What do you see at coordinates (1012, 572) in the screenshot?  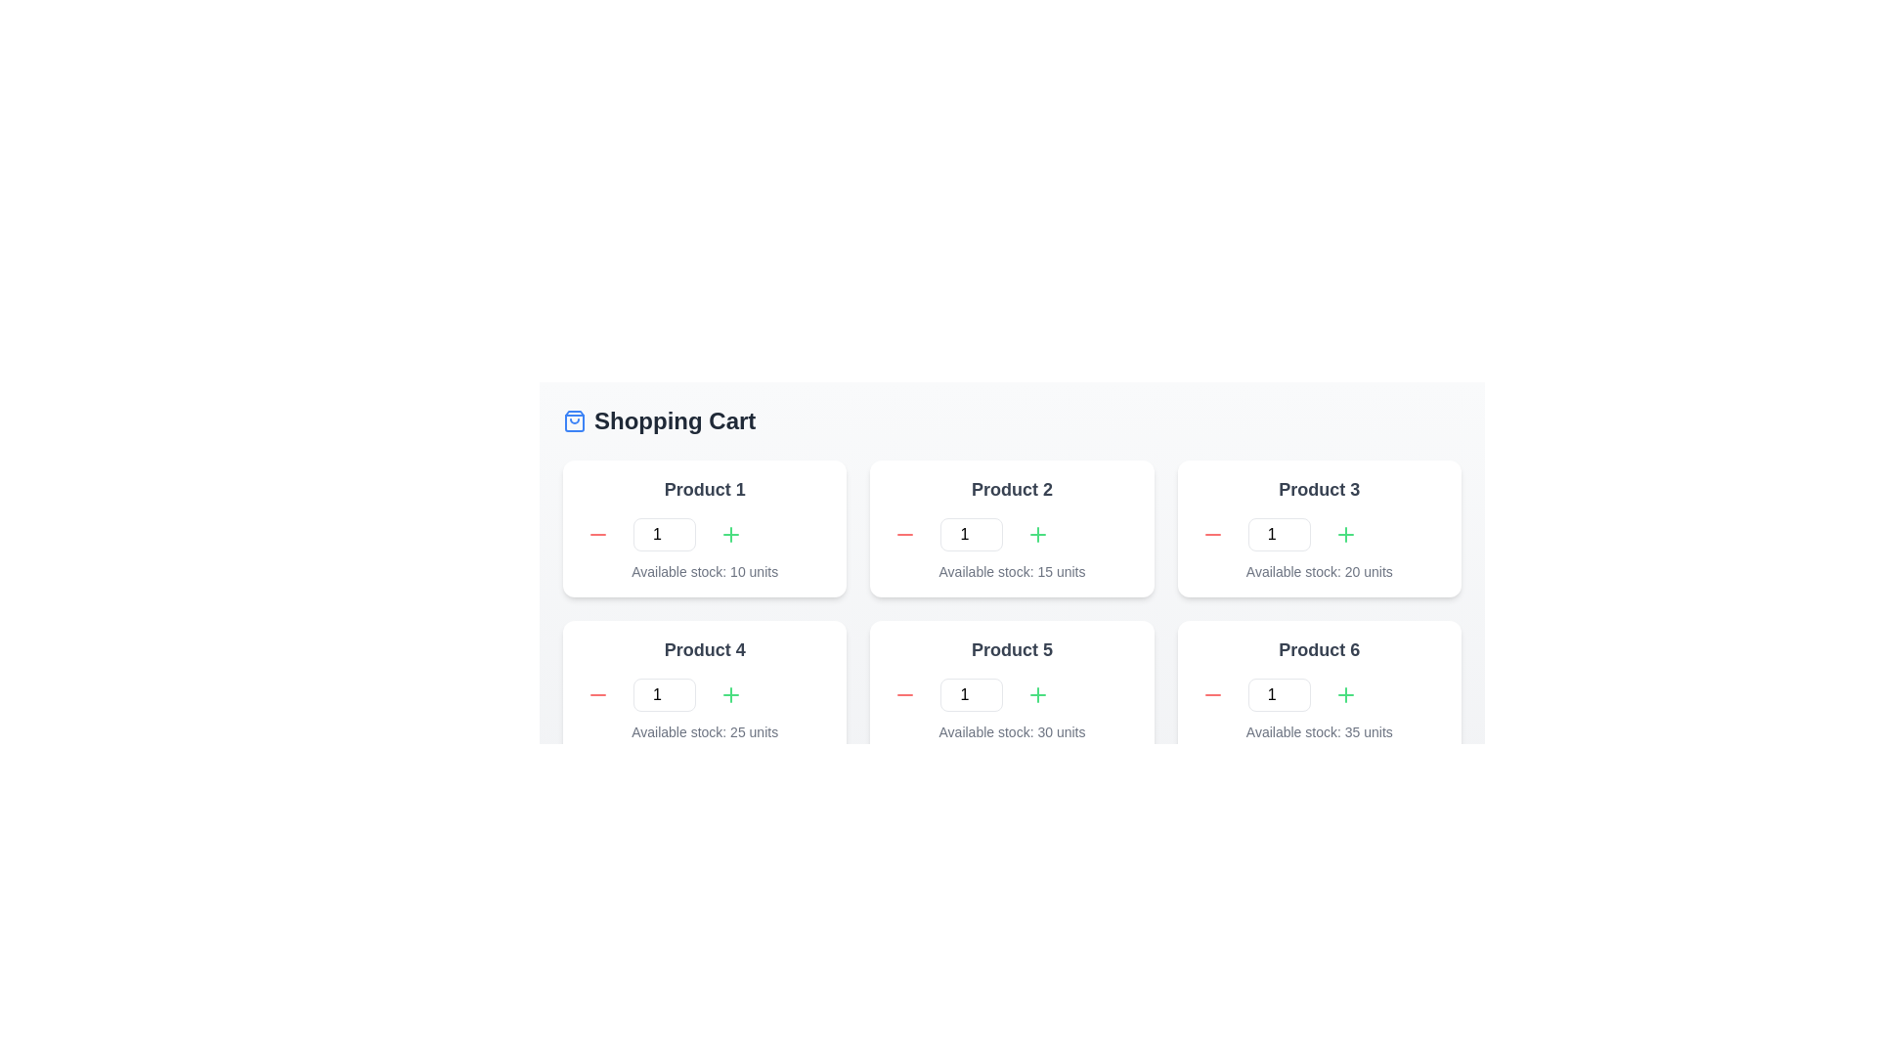 I see `the non-interactive informational Text label that displays the available quantity of the product for 'Product 2', located in the third row of text elements within the card, below the quantity control section` at bounding box center [1012, 572].